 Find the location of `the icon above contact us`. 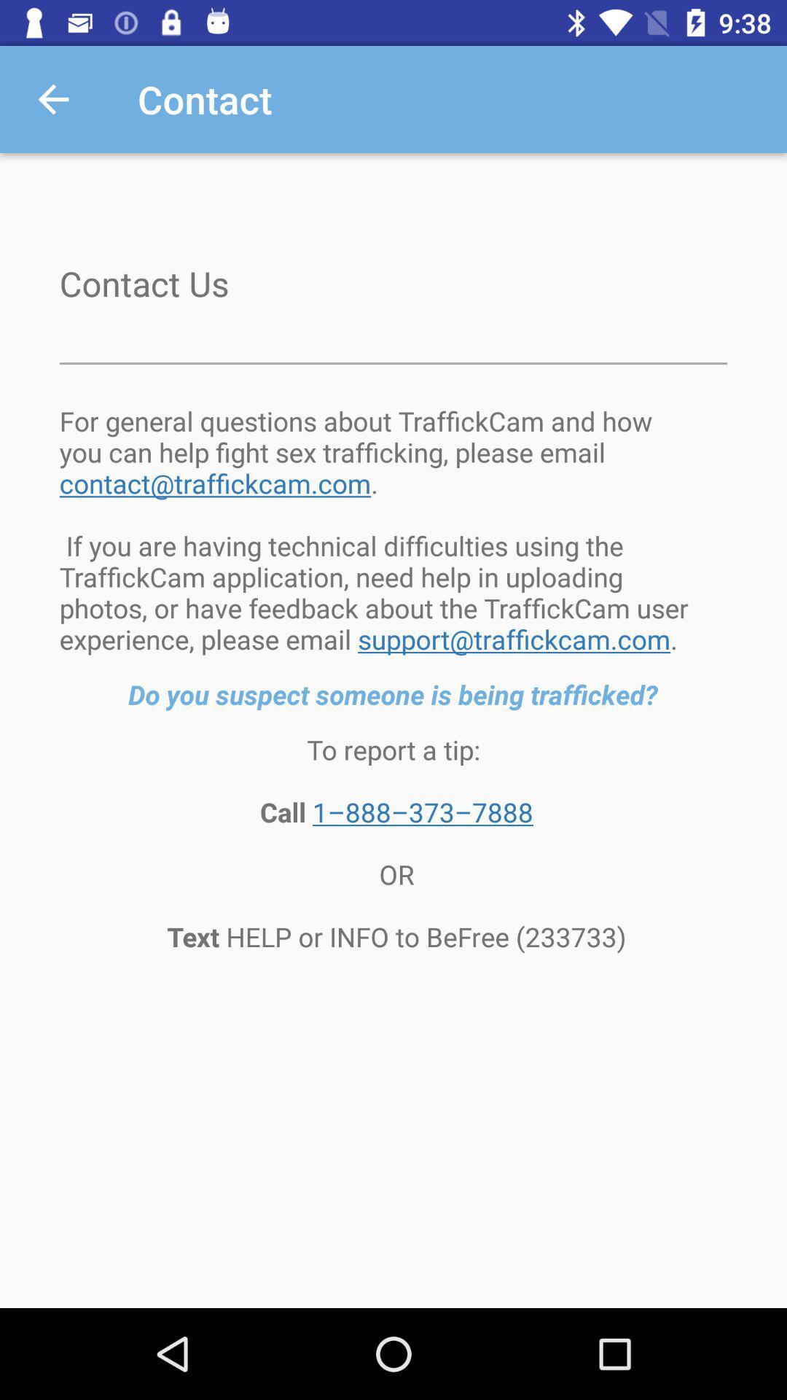

the icon above contact us is located at coordinates (52, 98).